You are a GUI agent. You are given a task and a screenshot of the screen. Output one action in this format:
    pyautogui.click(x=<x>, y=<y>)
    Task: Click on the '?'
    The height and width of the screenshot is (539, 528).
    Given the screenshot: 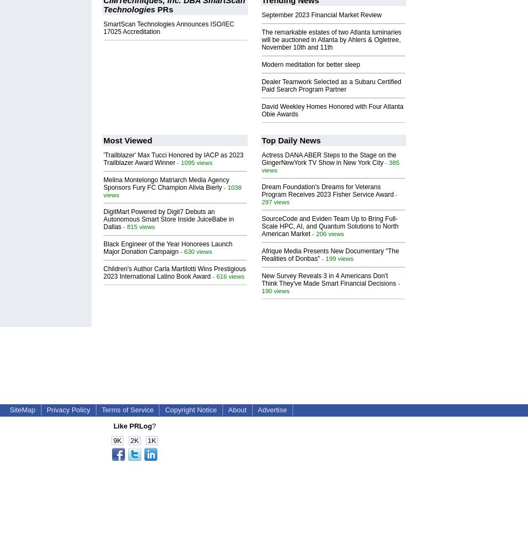 What is the action you would take?
    pyautogui.click(x=154, y=426)
    